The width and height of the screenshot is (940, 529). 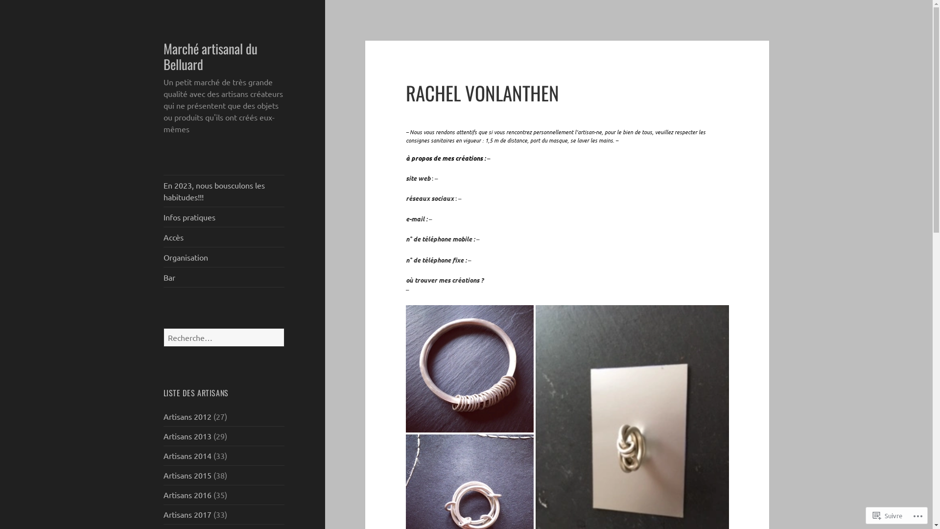 What do you see at coordinates (223, 256) in the screenshot?
I see `'Organisation'` at bounding box center [223, 256].